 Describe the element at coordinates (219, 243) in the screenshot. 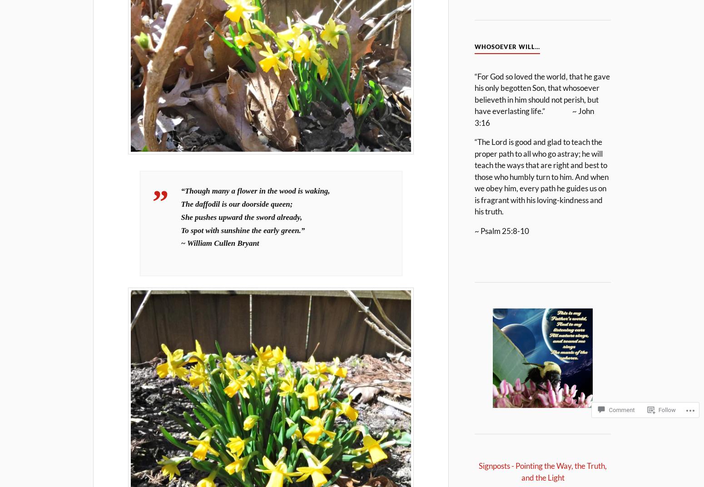

I see `'~ William Cullen Bryant'` at that location.